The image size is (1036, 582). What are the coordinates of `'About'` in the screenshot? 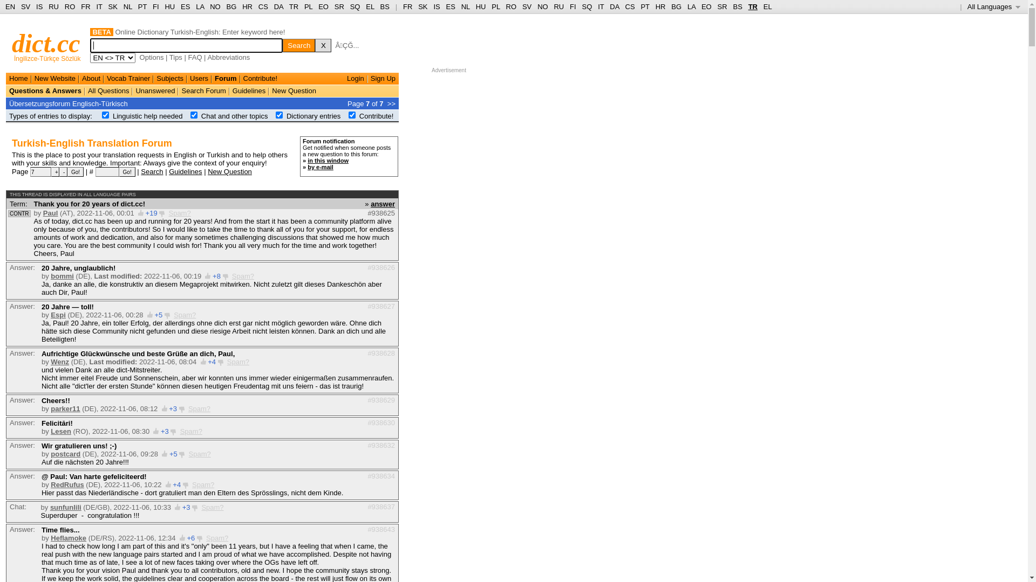 It's located at (91, 78).